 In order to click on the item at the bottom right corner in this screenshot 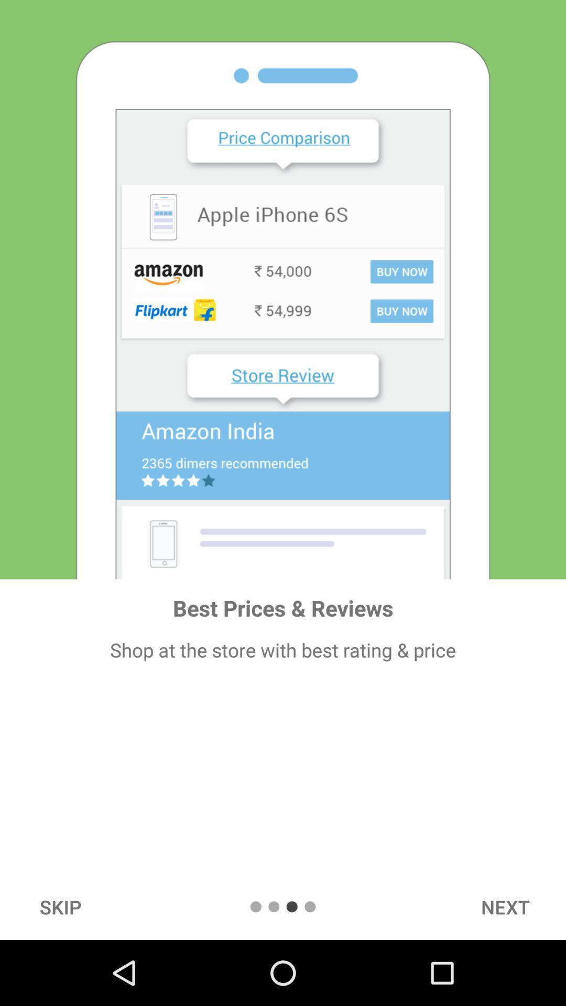, I will do `click(505, 906)`.